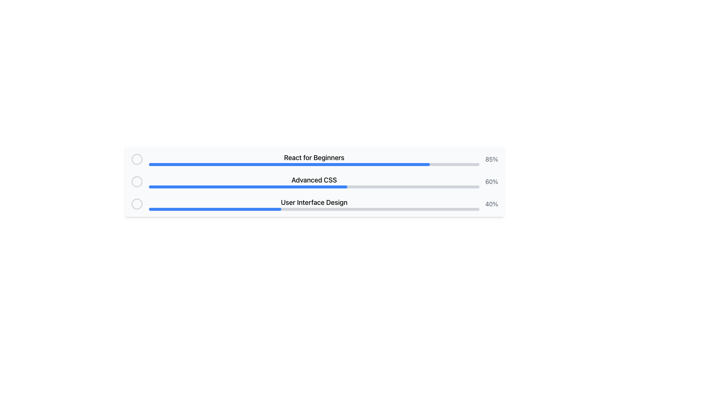 This screenshot has width=717, height=403. Describe the element at coordinates (137, 204) in the screenshot. I see `the circular marker located to the left of the text label 'User Interface Design' in the third item of the list` at that location.